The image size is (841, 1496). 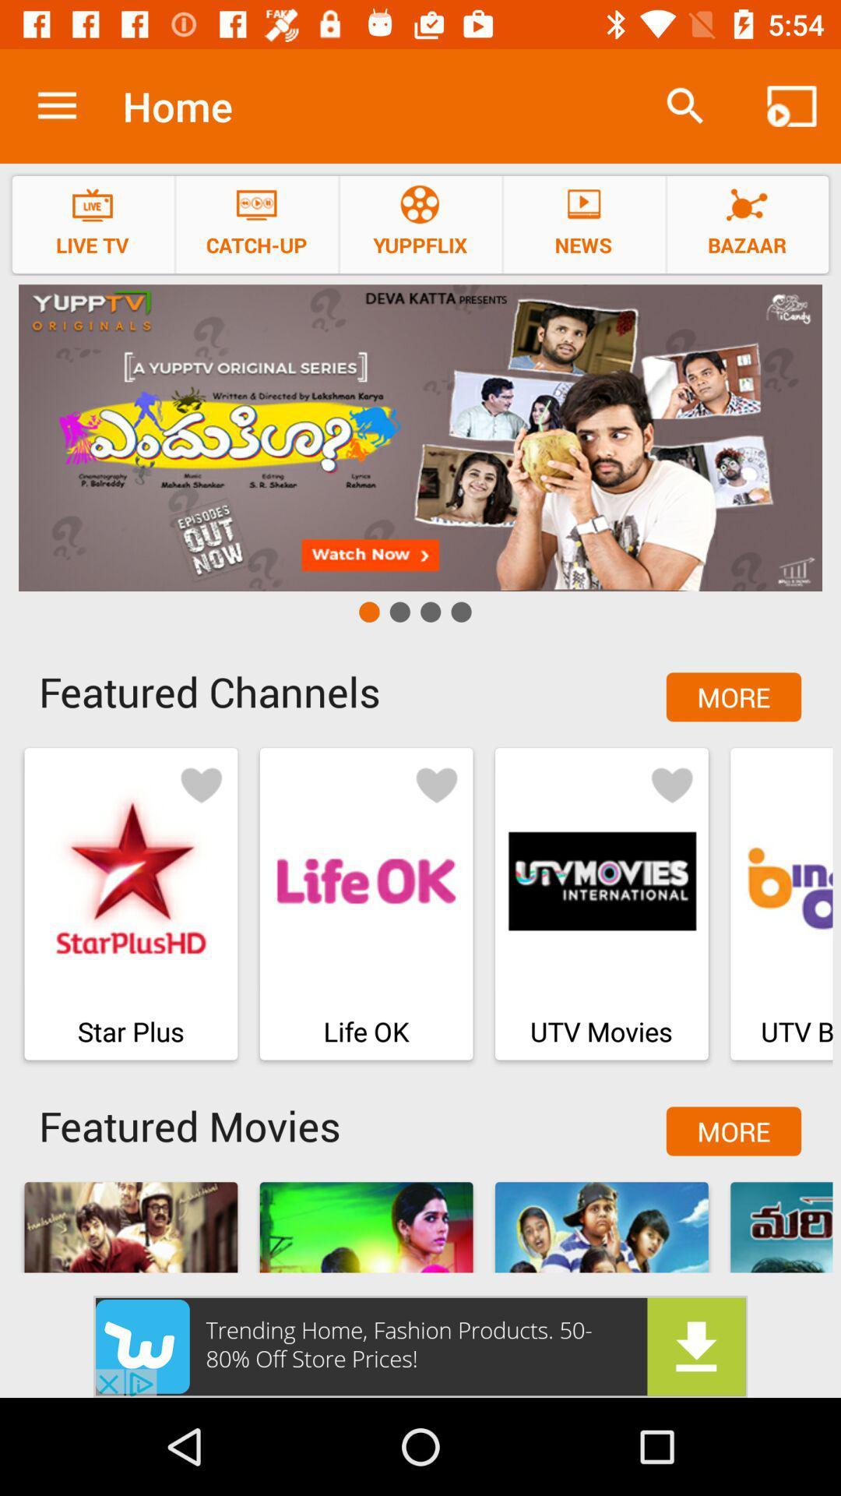 I want to click on advertisement page, so click(x=420, y=437).